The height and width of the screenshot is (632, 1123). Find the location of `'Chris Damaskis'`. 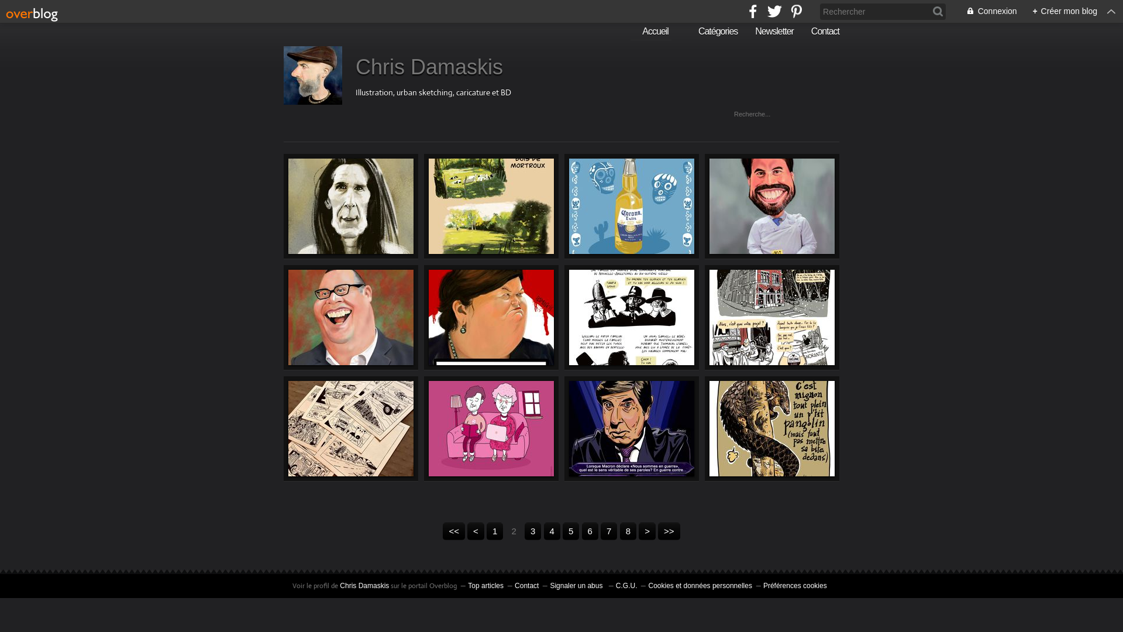

'Chris Damaskis' is located at coordinates (355, 67).